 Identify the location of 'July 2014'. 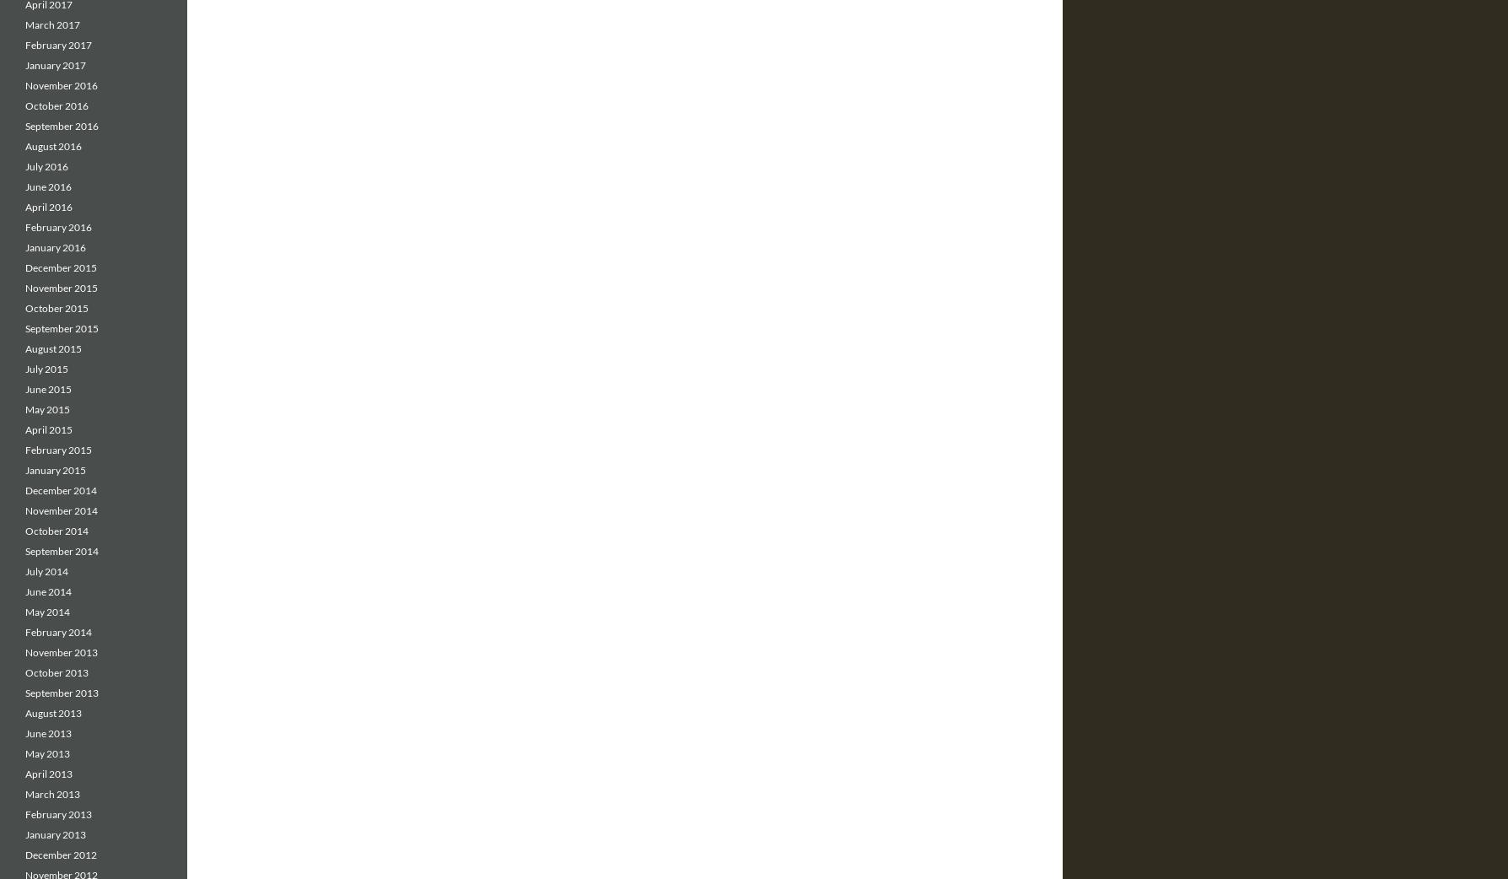
(25, 571).